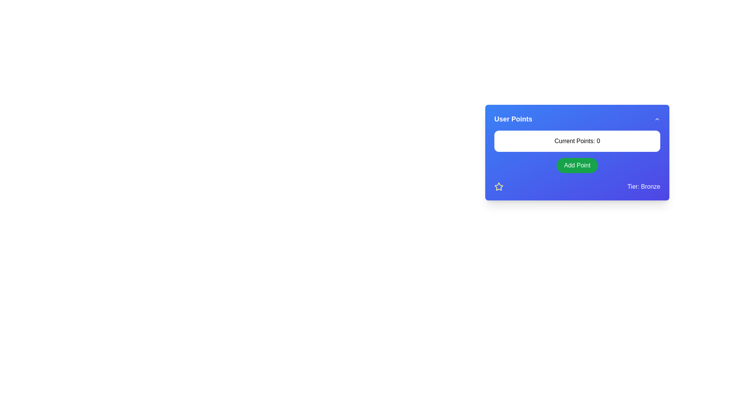  What do you see at coordinates (499, 187) in the screenshot?
I see `the decorative graphic icon in the bottom-left corner of the card layout labeled 'Tier: Bronze'` at bounding box center [499, 187].